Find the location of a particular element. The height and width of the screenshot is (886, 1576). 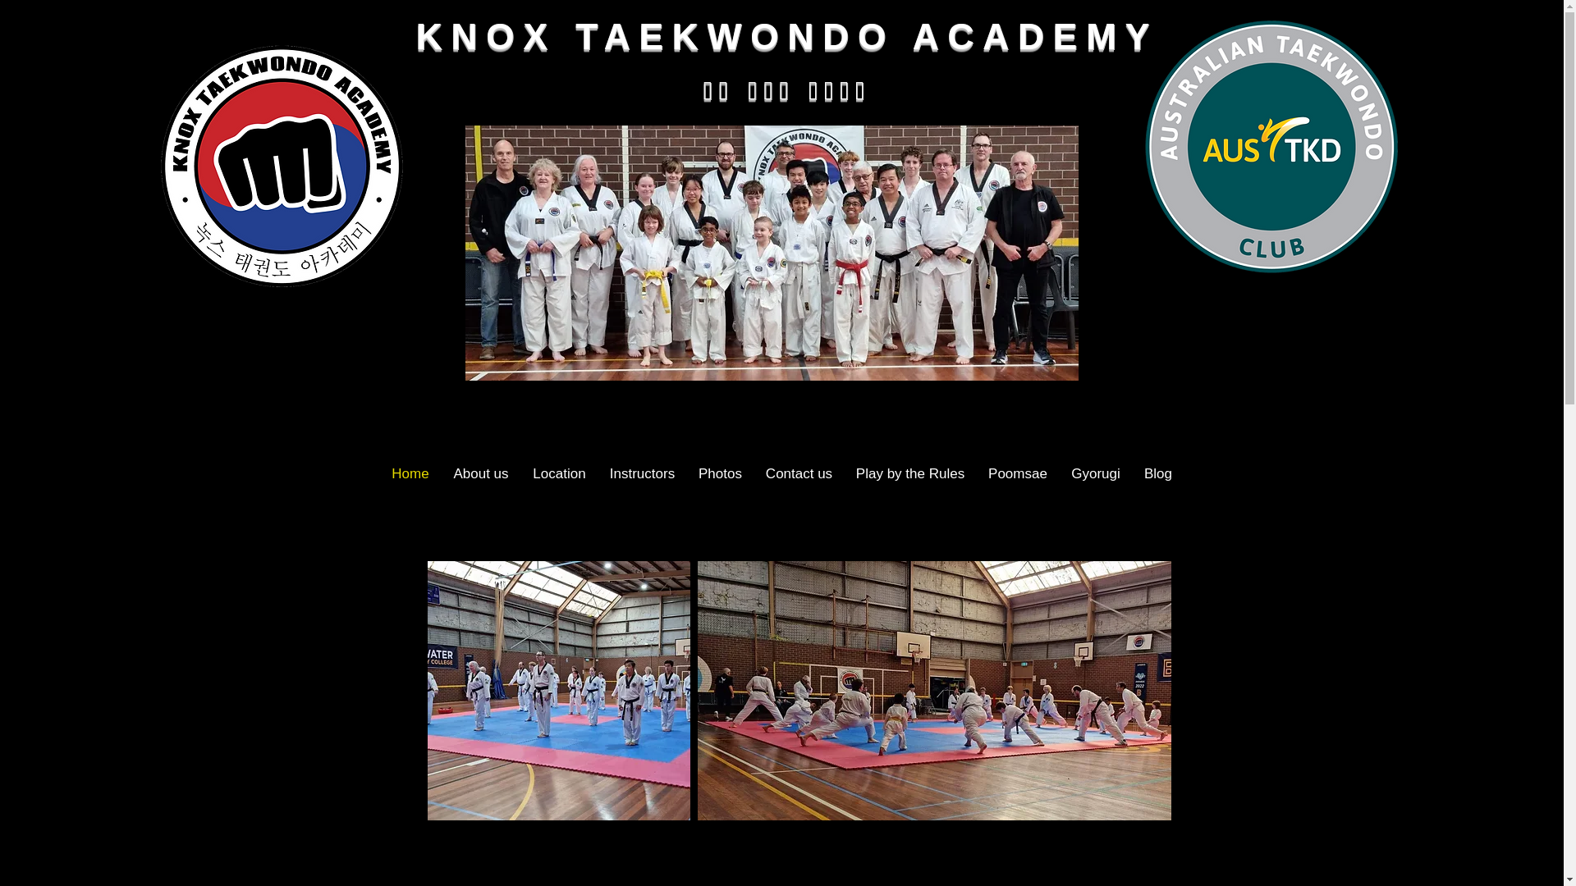

'Poomsae' is located at coordinates (1017, 474).